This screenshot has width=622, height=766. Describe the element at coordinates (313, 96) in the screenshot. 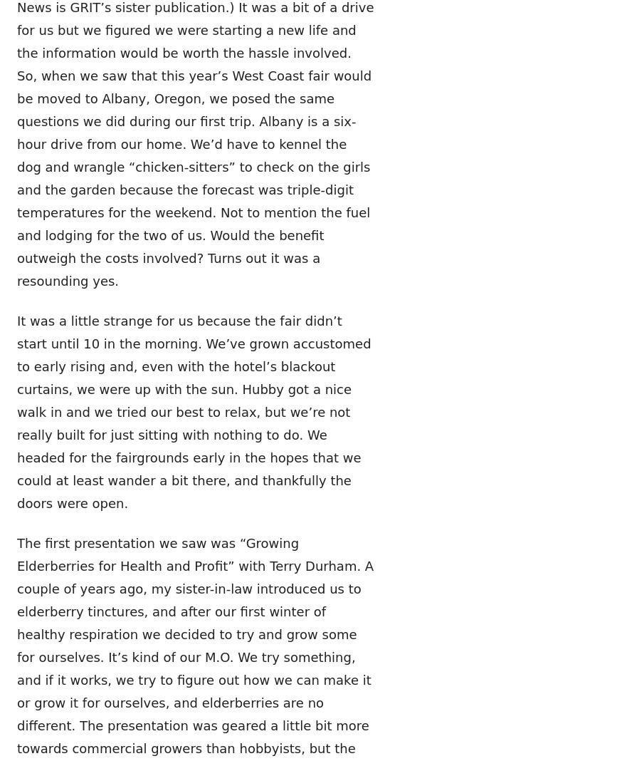

I see `'Get the Nitty-GRIT-ty on Rural Living!'` at that location.